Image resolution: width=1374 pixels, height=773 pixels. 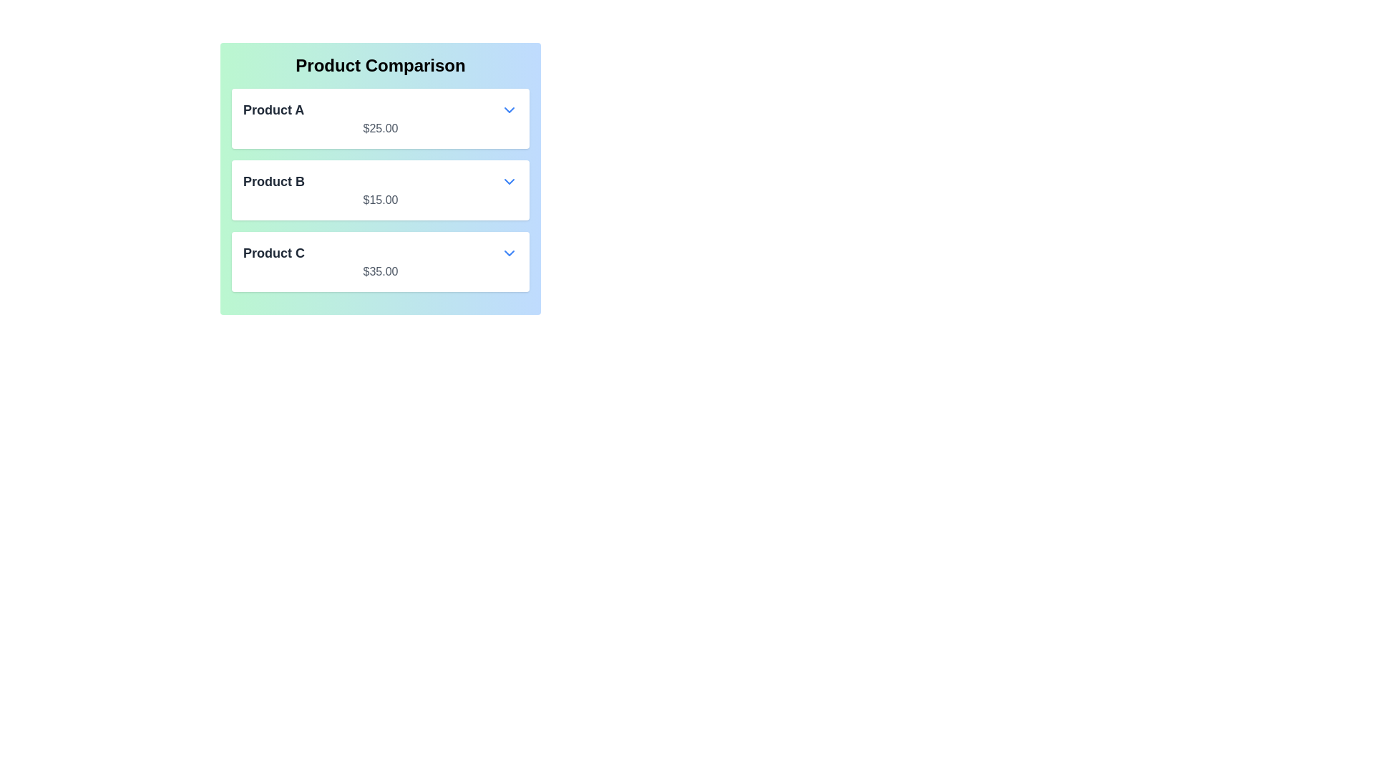 I want to click on the static text displaying '$15.00', which is smaller and subtler than other elements, located directly below 'Product B' in a white box area, so click(x=381, y=200).